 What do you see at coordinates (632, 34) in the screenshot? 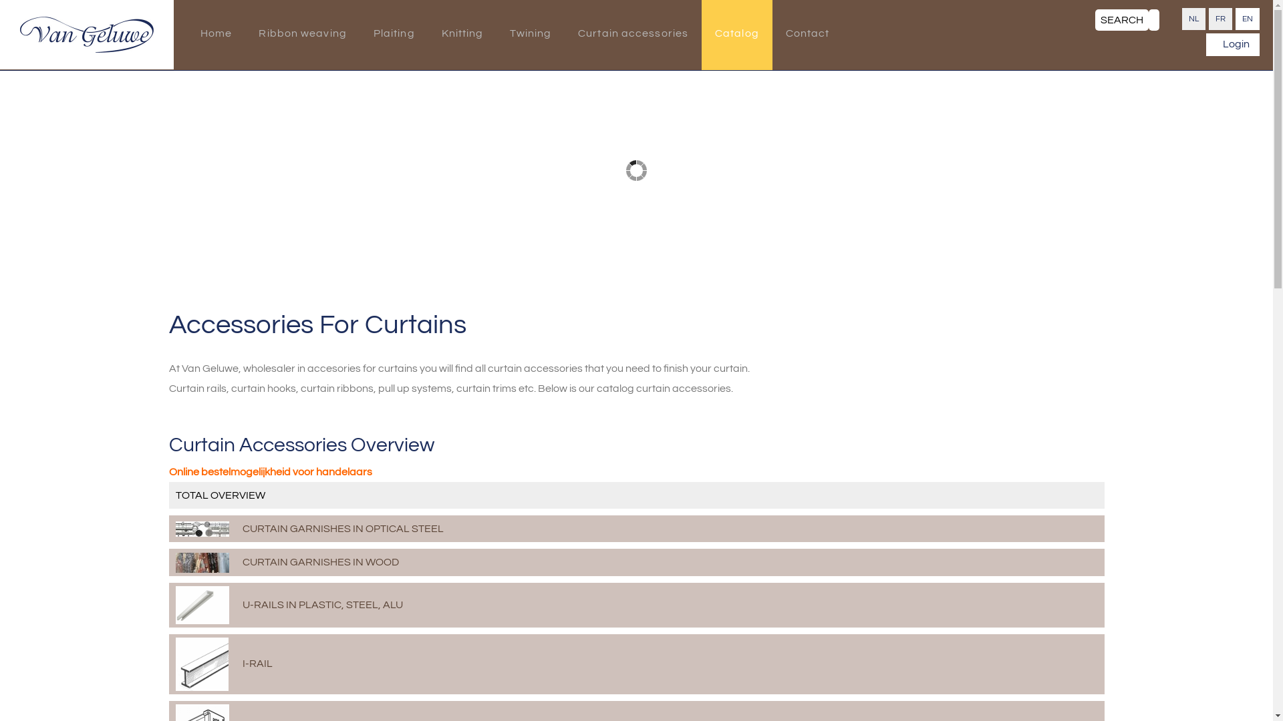
I see `'Curtain accessories'` at bounding box center [632, 34].